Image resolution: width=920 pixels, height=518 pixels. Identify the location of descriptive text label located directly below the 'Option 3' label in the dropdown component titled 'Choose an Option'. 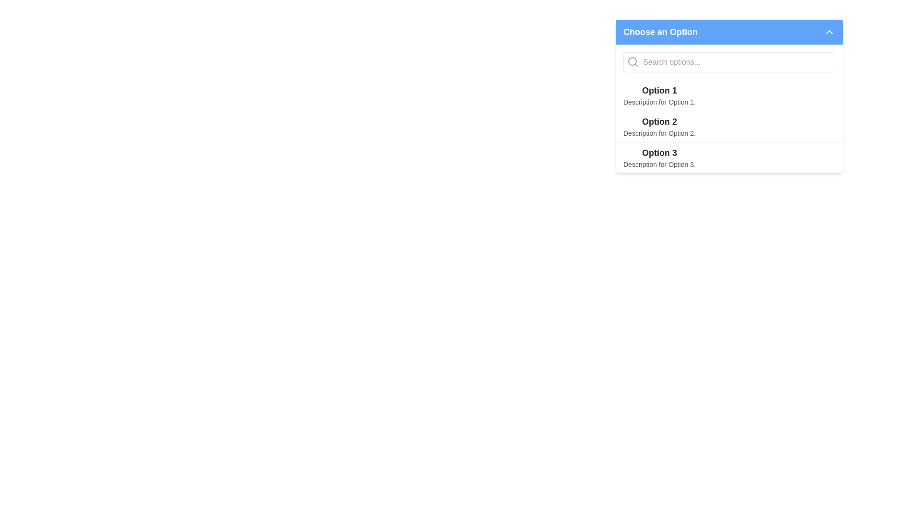
(659, 164).